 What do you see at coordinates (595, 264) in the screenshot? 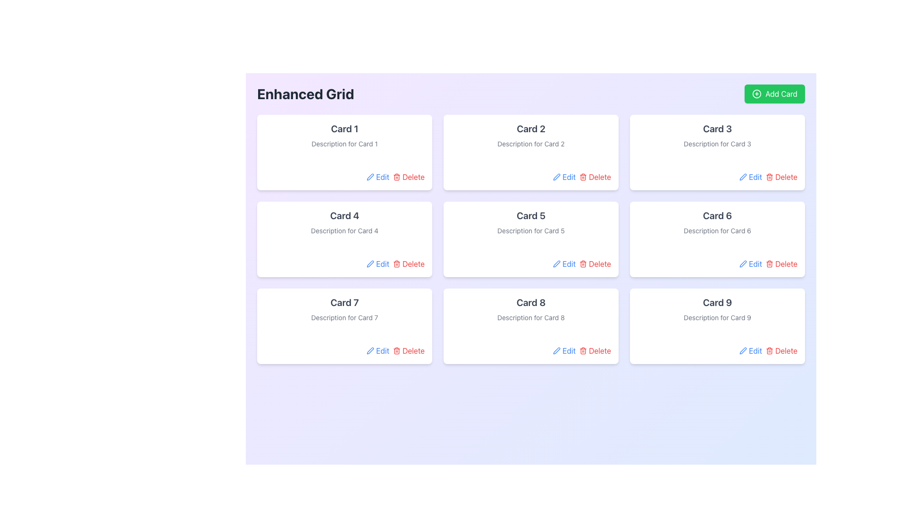
I see `the red 'Delete' button with a trash can icon located in the bottom right corner of 'Card 5'` at bounding box center [595, 264].